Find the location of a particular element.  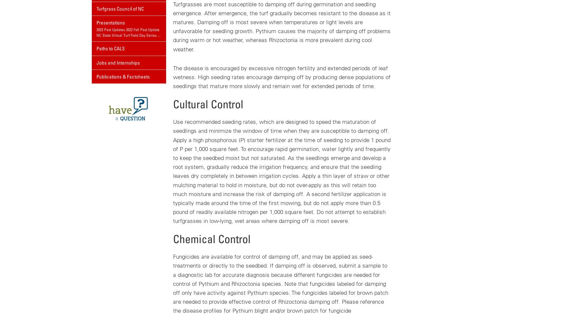

'Estoy de Acuerdo / I agree' is located at coordinates (212, 23).